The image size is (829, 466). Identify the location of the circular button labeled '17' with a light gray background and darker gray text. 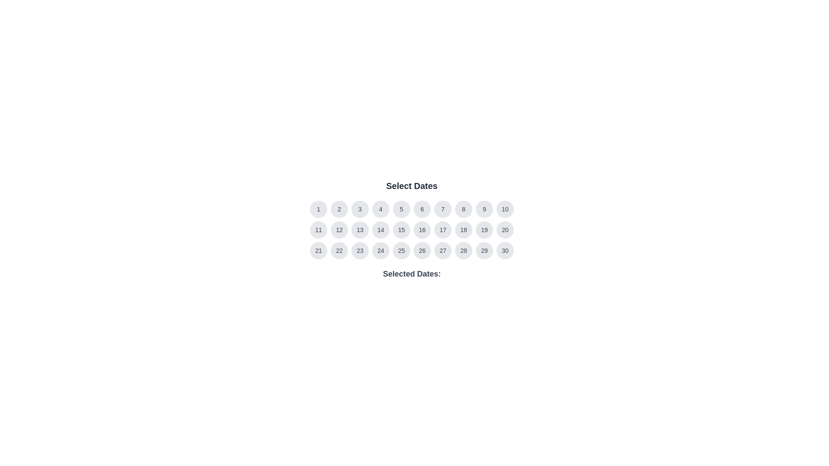
(443, 229).